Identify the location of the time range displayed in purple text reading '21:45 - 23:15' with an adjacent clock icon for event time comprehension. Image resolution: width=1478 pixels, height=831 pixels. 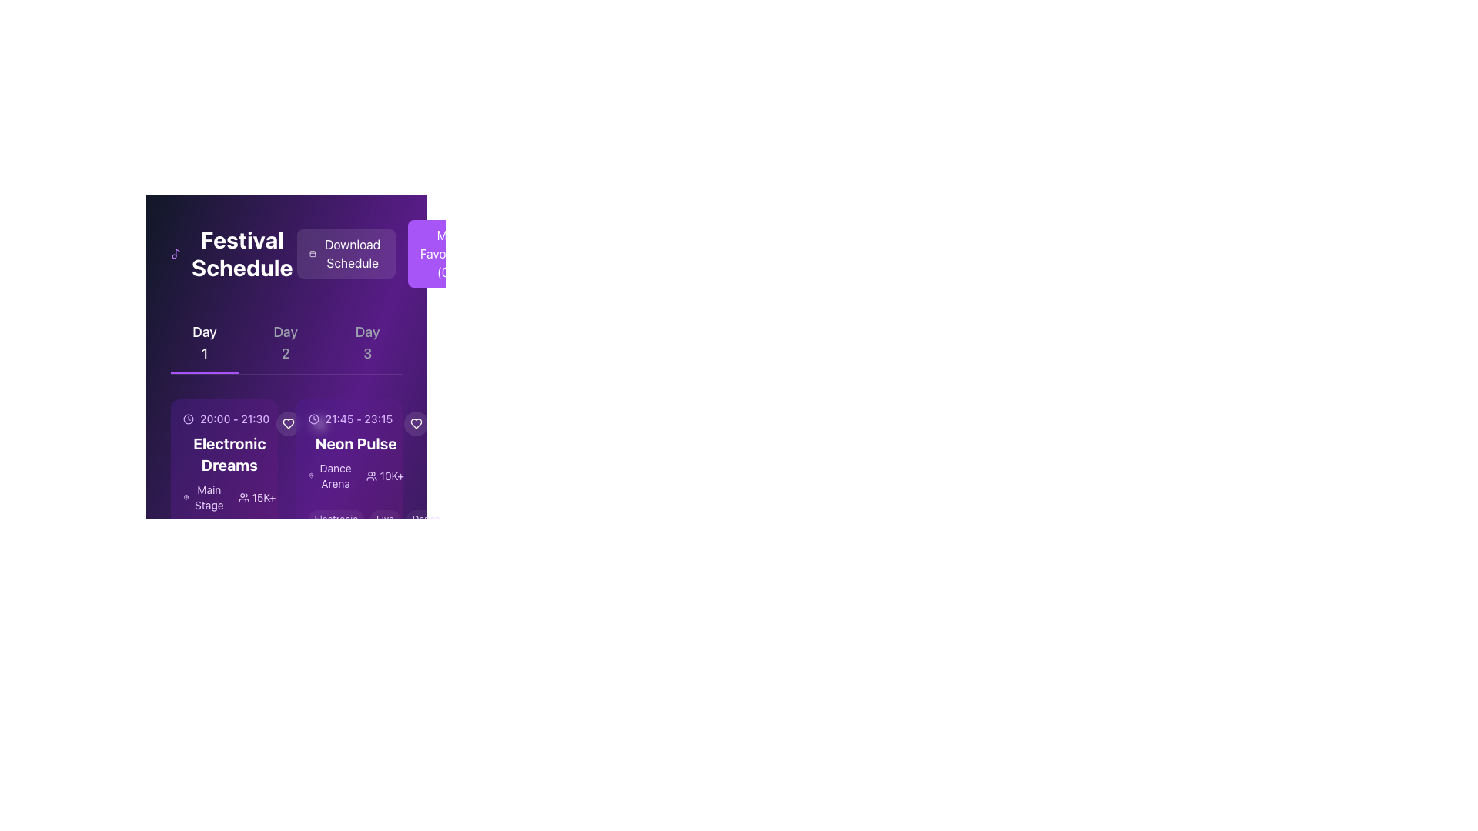
(355, 419).